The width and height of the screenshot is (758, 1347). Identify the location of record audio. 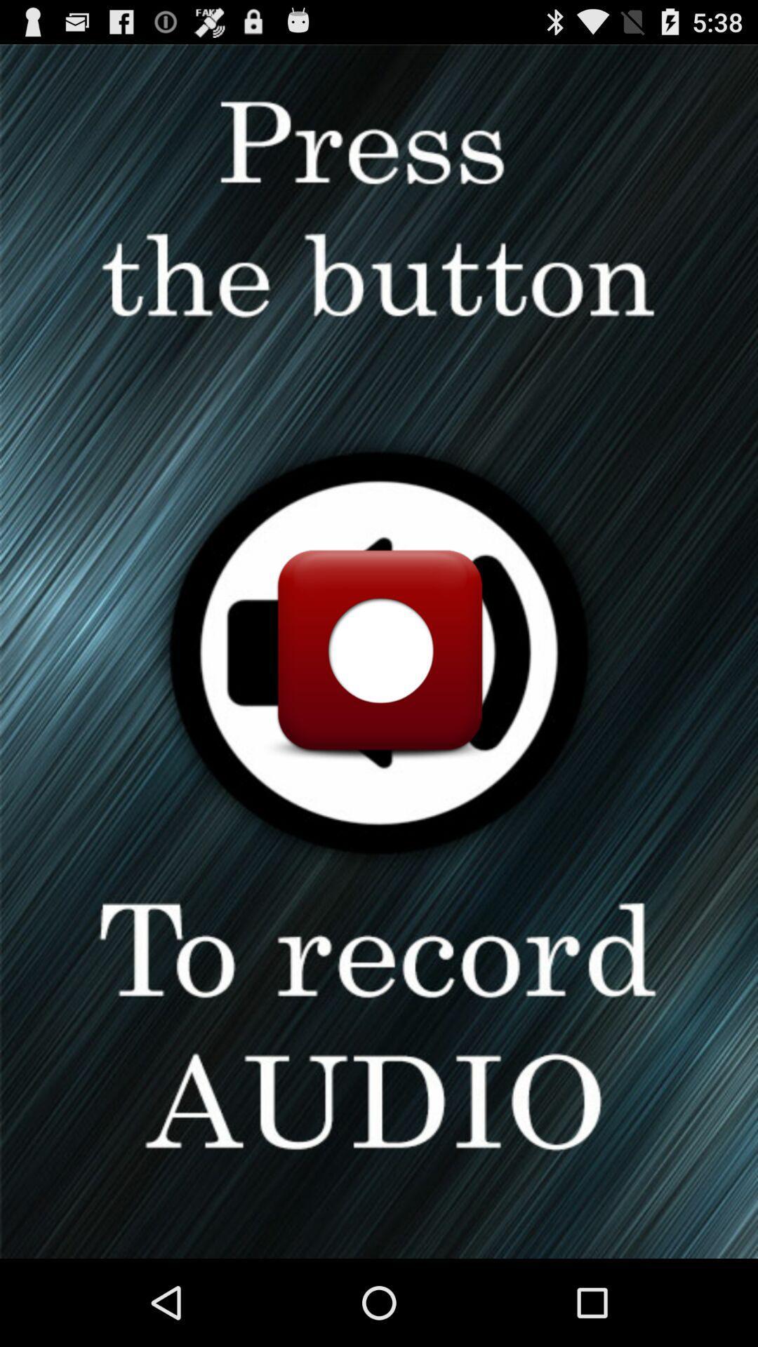
(379, 650).